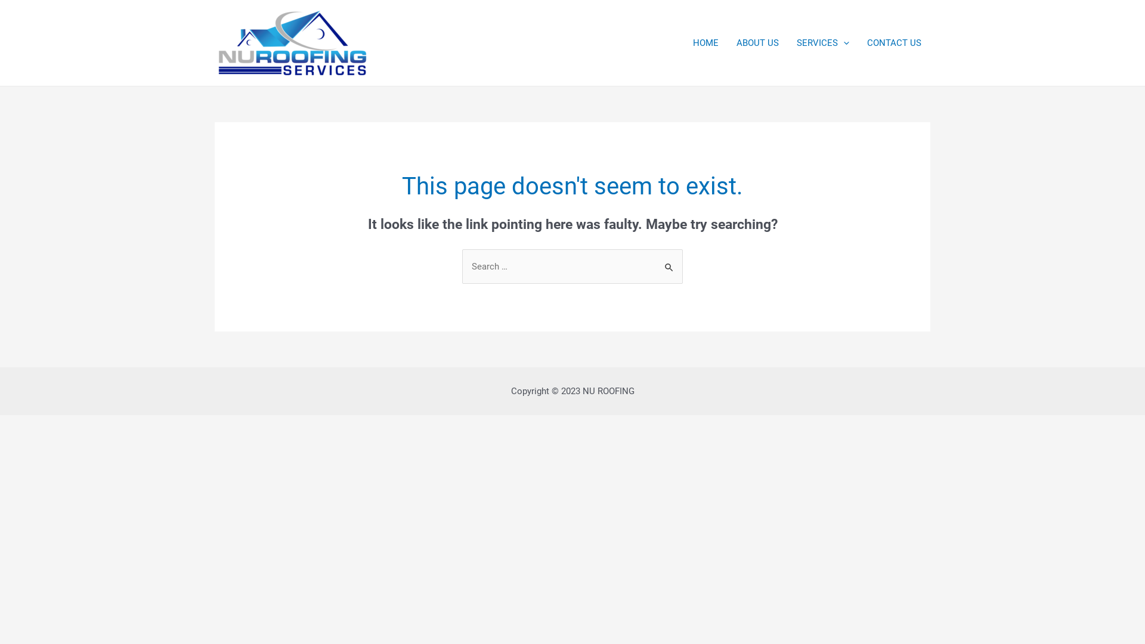  I want to click on 'Search', so click(669, 261).